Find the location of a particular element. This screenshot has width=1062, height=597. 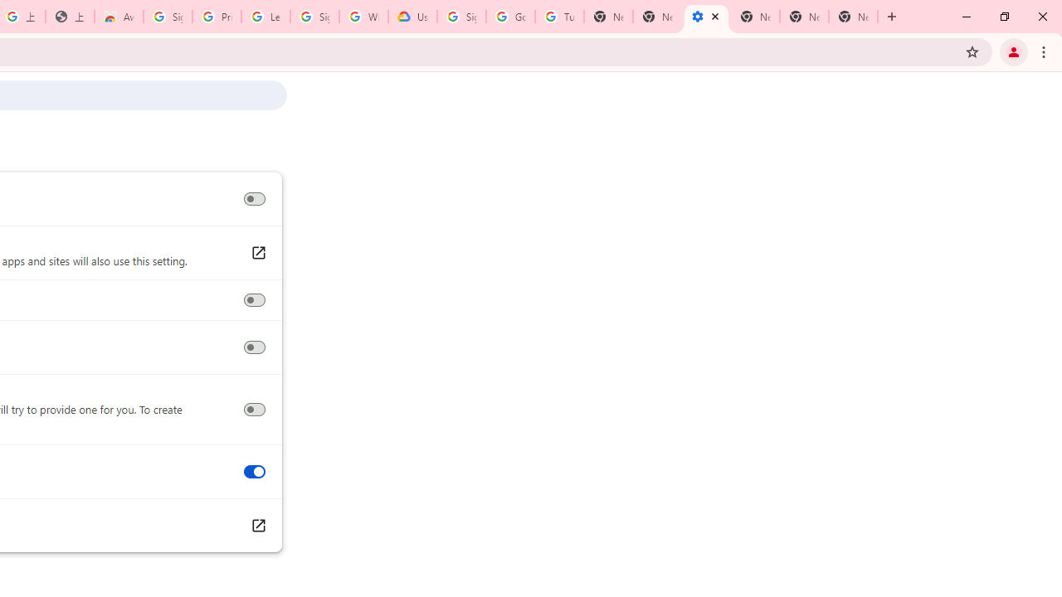

'New Tab' is located at coordinates (853, 17).